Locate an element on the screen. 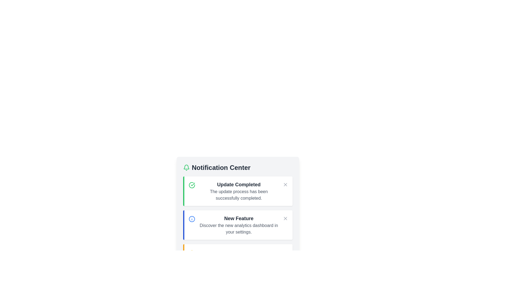  graphical properties of the warning indicator icon located at the bottom of the Notification Center interface, centrally aligned beneath the notifications is located at coordinates (192, 253).